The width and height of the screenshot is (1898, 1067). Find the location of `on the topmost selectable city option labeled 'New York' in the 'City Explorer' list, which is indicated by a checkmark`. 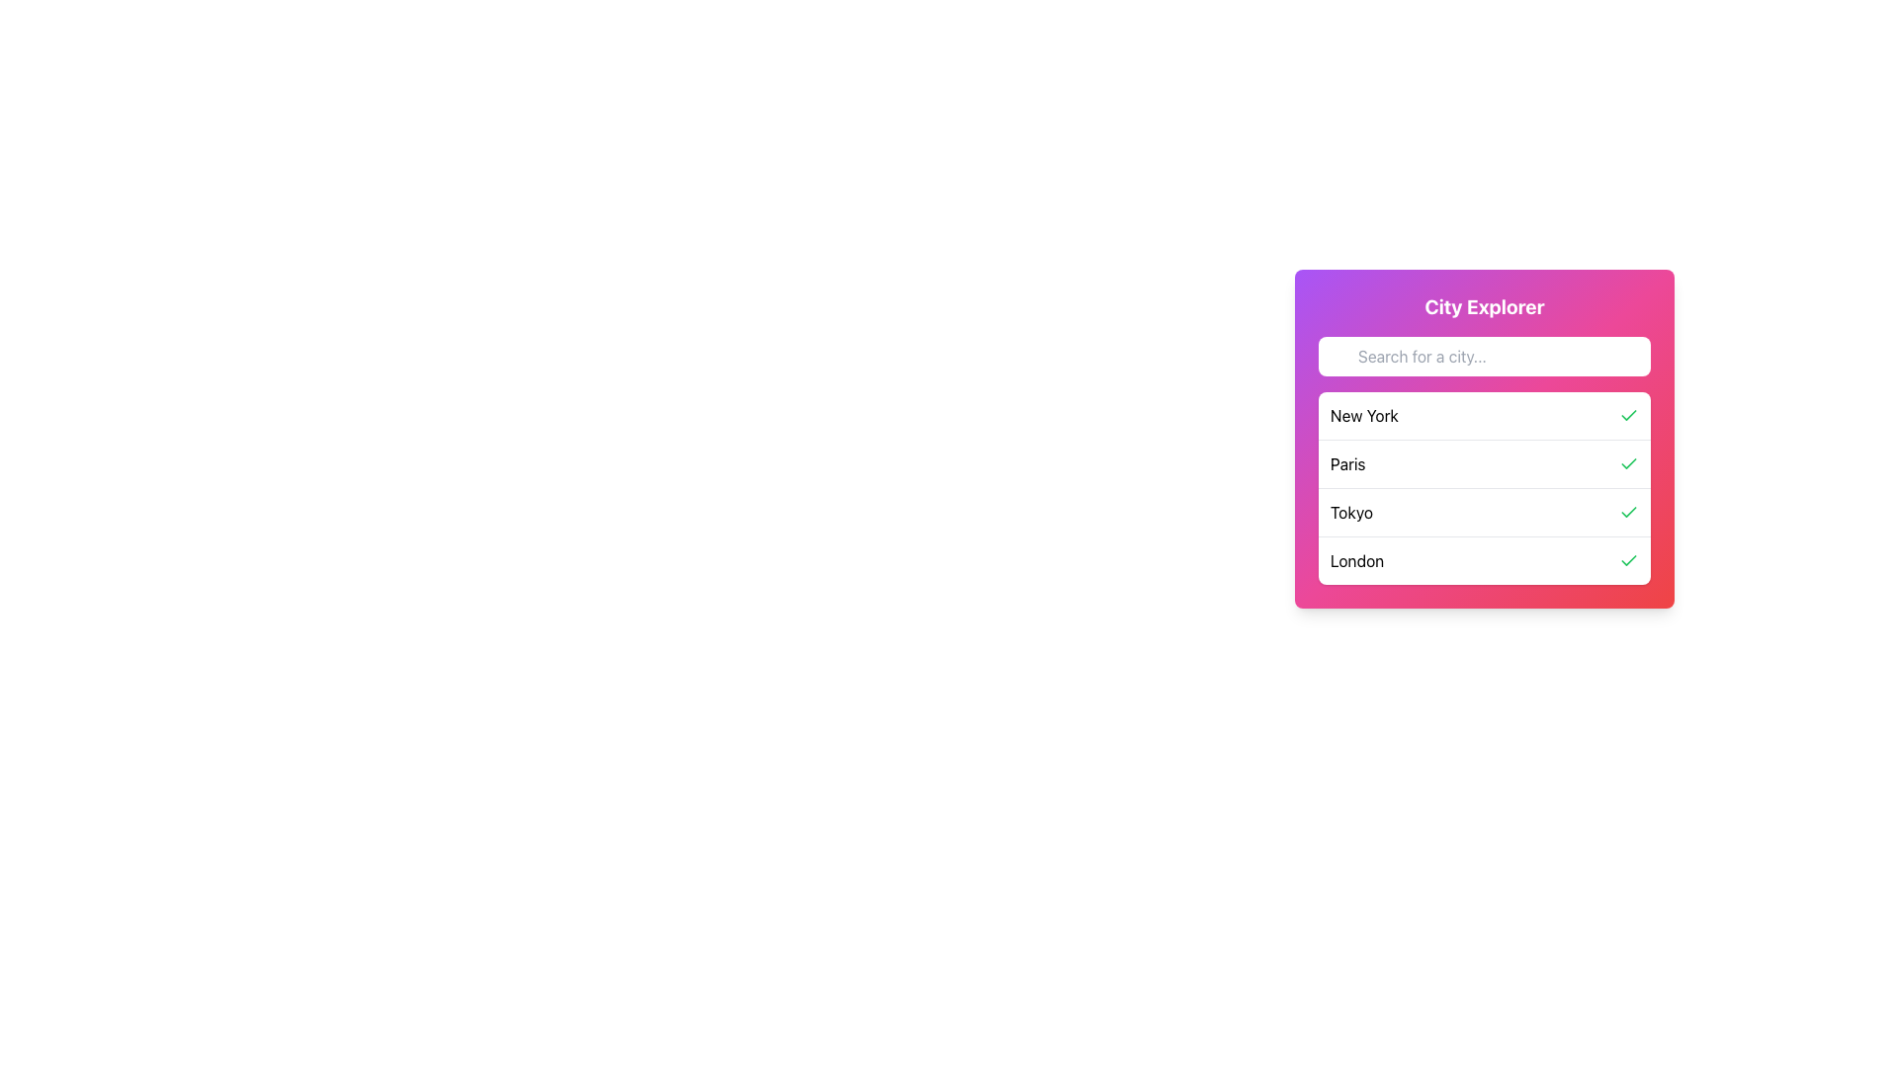

on the topmost selectable city option labeled 'New York' in the 'City Explorer' list, which is indicated by a checkmark is located at coordinates (1485, 414).